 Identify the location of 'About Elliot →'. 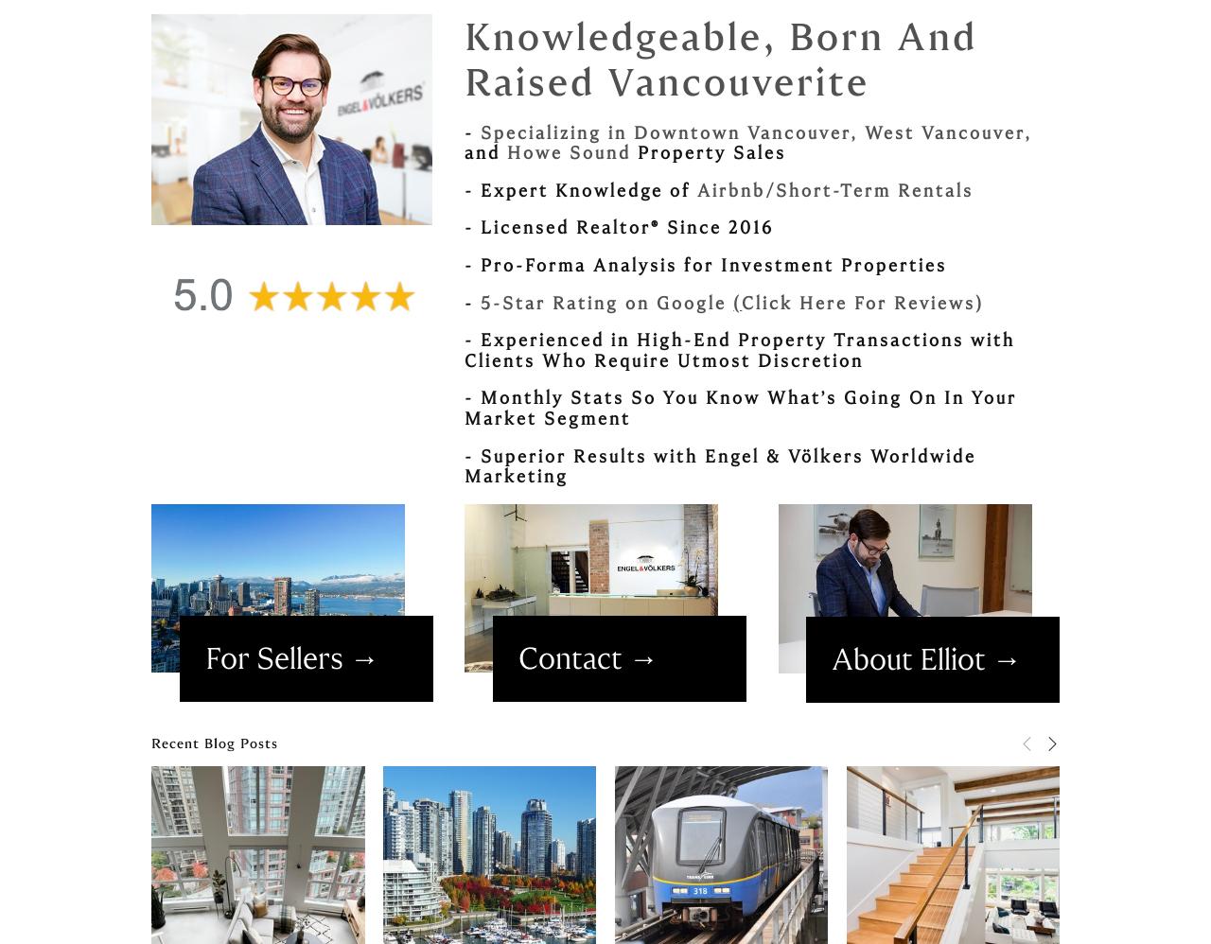
(926, 657).